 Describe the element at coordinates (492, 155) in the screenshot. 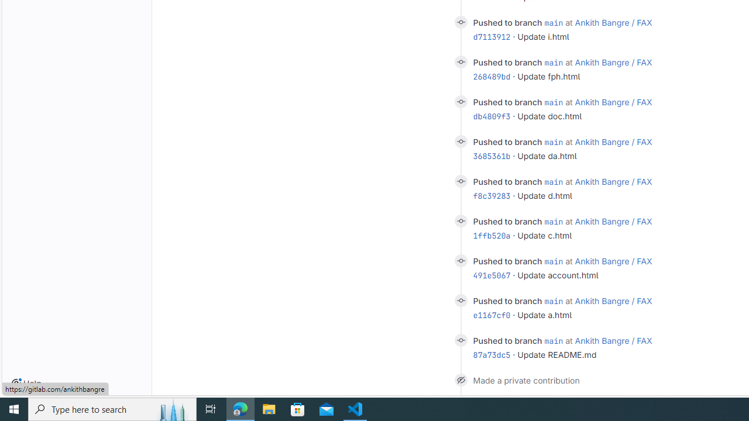

I see `'3685361b'` at that location.